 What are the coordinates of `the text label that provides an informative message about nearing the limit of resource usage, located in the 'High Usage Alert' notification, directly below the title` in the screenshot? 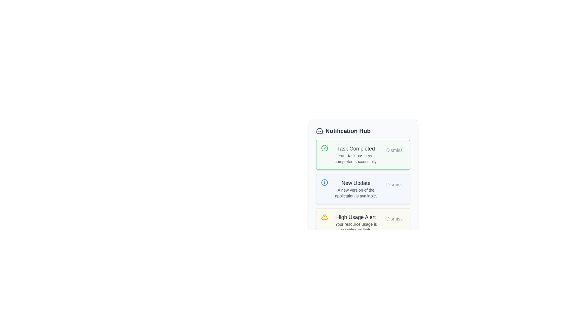 It's located at (356, 227).